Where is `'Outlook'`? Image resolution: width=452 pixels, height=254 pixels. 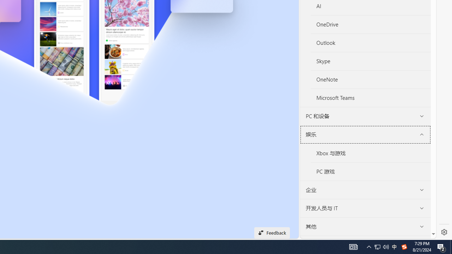 'Outlook' is located at coordinates (370, 43).